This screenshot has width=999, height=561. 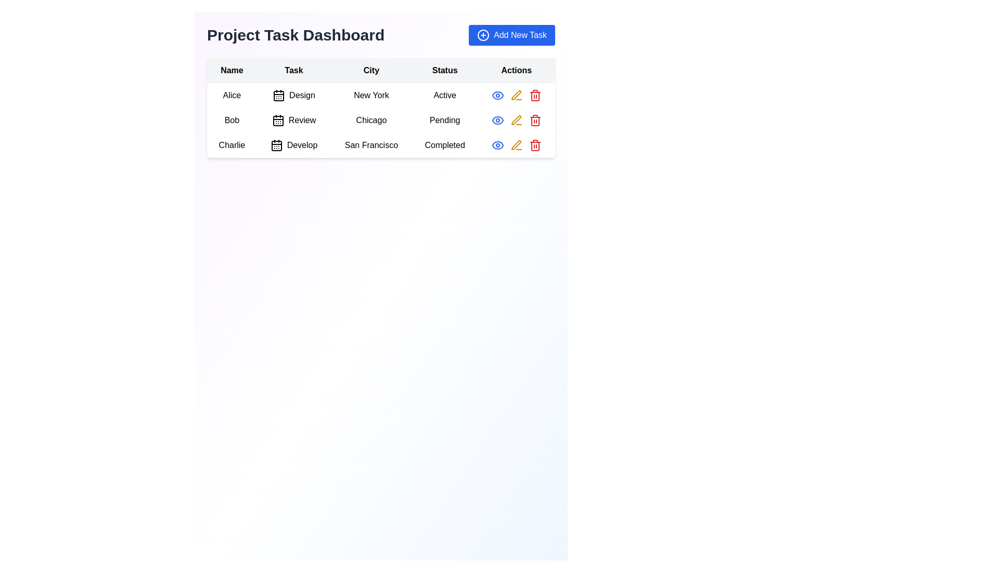 What do you see at coordinates (497, 96) in the screenshot?
I see `the visibility icon located in the 'Actions' column of the tasks table for the second entry associated with 'Bob'` at bounding box center [497, 96].